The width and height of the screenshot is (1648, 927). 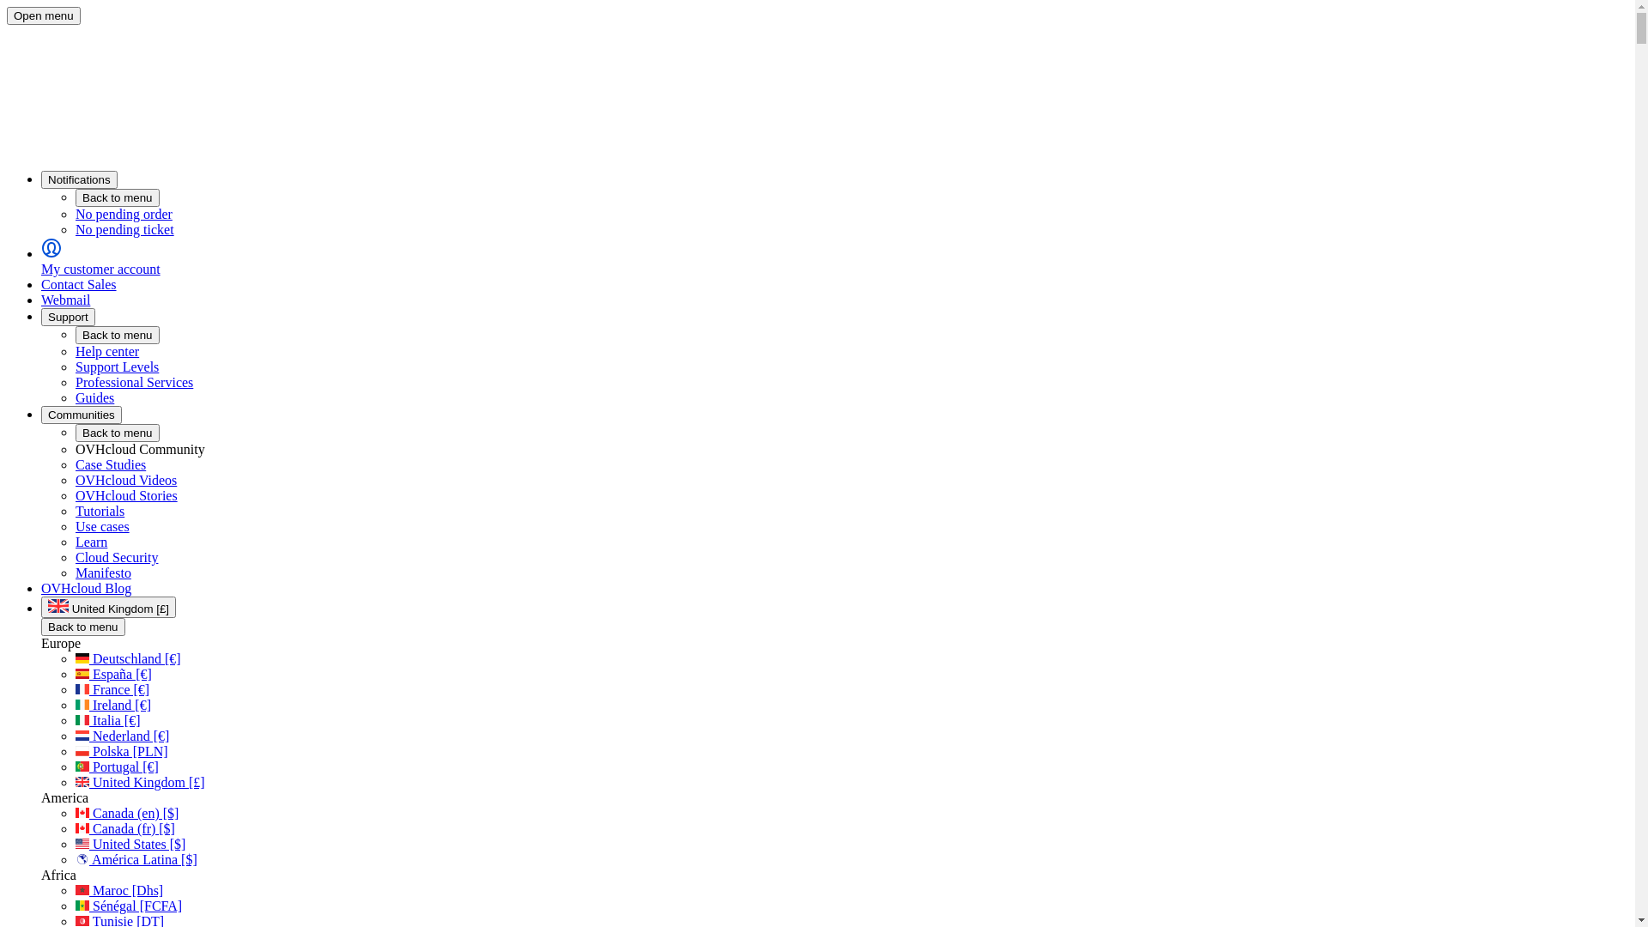 What do you see at coordinates (130, 843) in the screenshot?
I see `'United States [$]'` at bounding box center [130, 843].